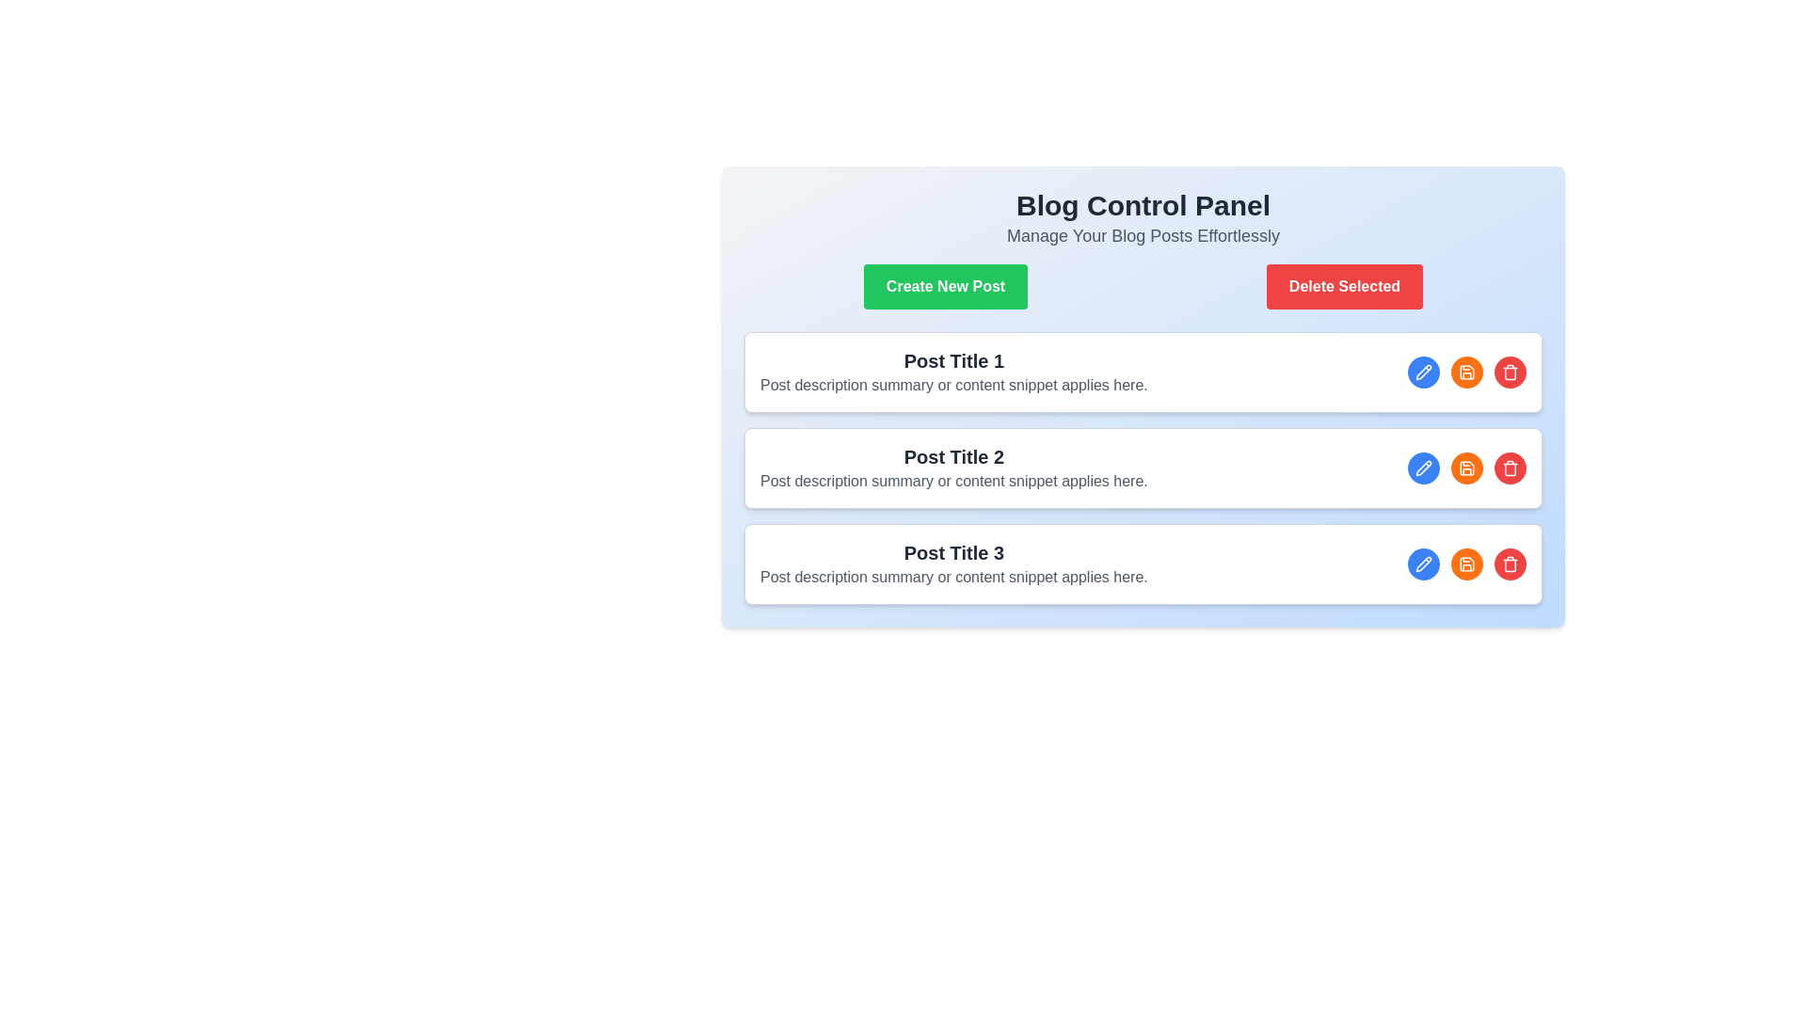  Describe the element at coordinates (1510, 373) in the screenshot. I see `the rightmost delete button in the action section of the first blog post entry under the 'Blog Control Panel'` at that location.